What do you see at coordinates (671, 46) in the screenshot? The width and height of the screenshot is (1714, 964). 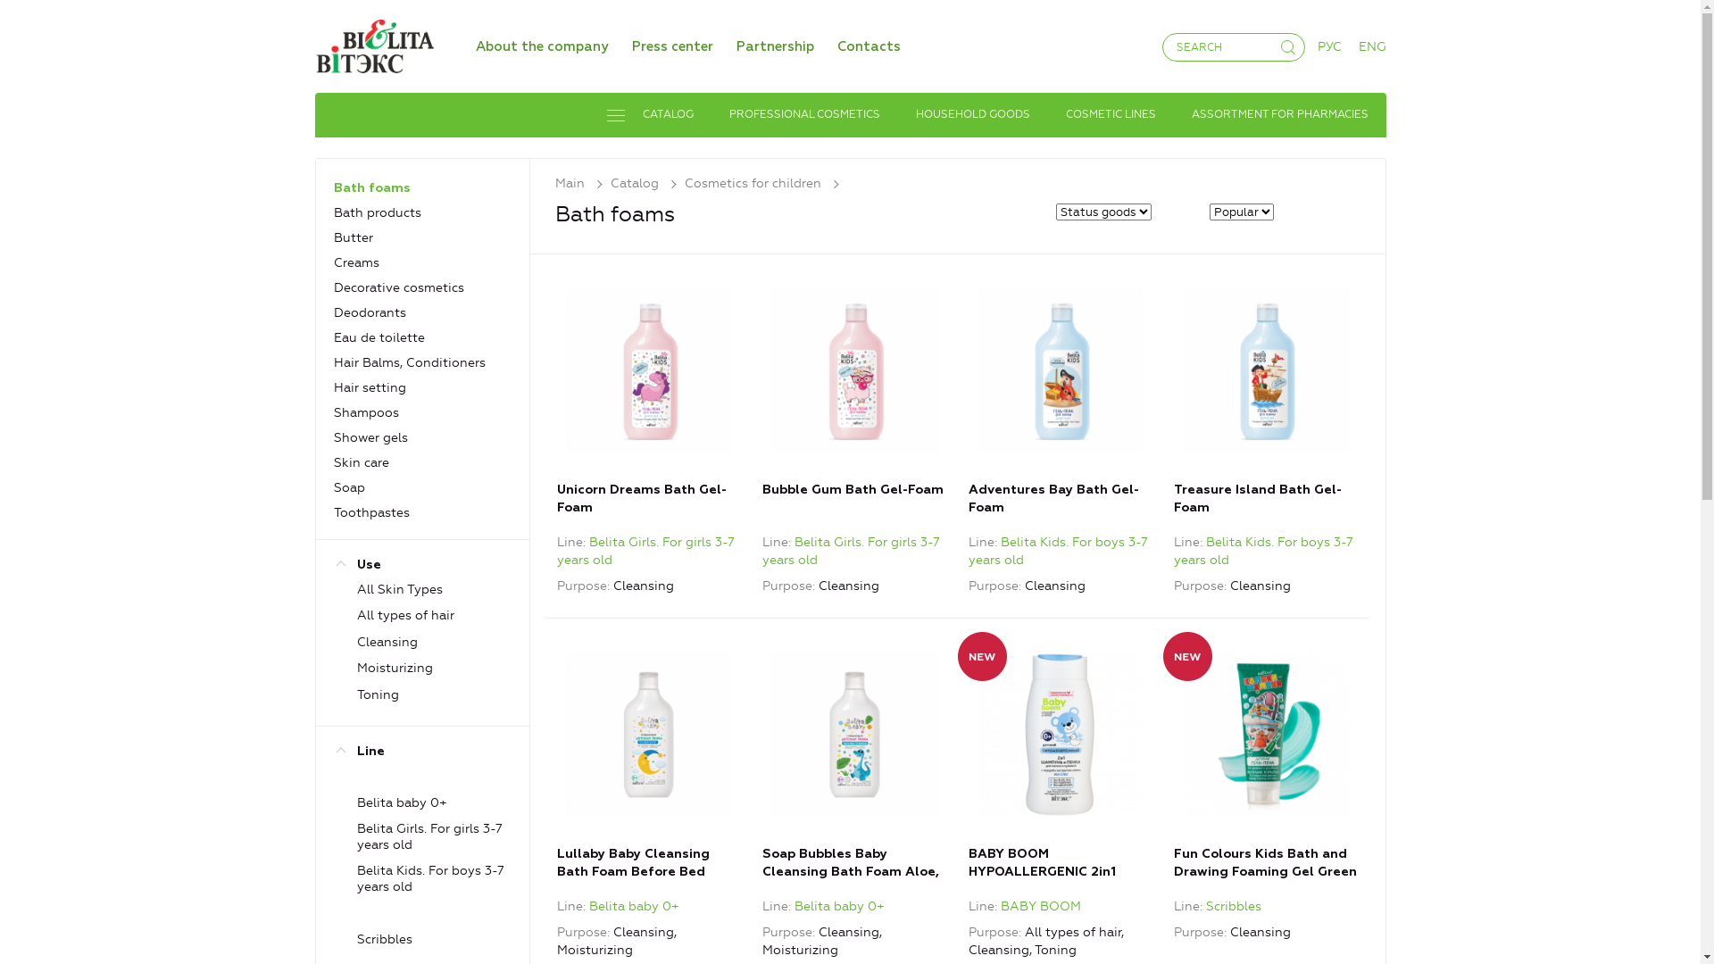 I see `'Press center'` at bounding box center [671, 46].